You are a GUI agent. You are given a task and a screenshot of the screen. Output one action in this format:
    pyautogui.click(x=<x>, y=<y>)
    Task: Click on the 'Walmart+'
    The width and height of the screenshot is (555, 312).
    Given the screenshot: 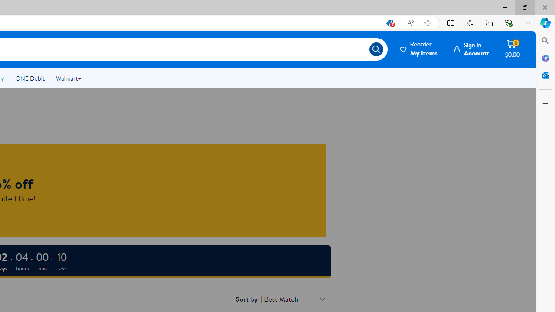 What is the action you would take?
    pyautogui.click(x=68, y=78)
    